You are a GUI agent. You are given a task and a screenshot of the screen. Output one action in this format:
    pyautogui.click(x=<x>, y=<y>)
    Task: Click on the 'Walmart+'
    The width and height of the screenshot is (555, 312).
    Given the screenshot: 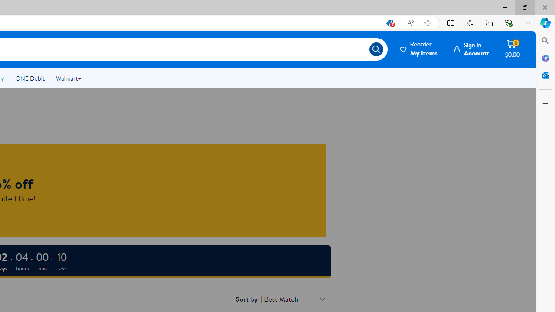 What is the action you would take?
    pyautogui.click(x=68, y=78)
    